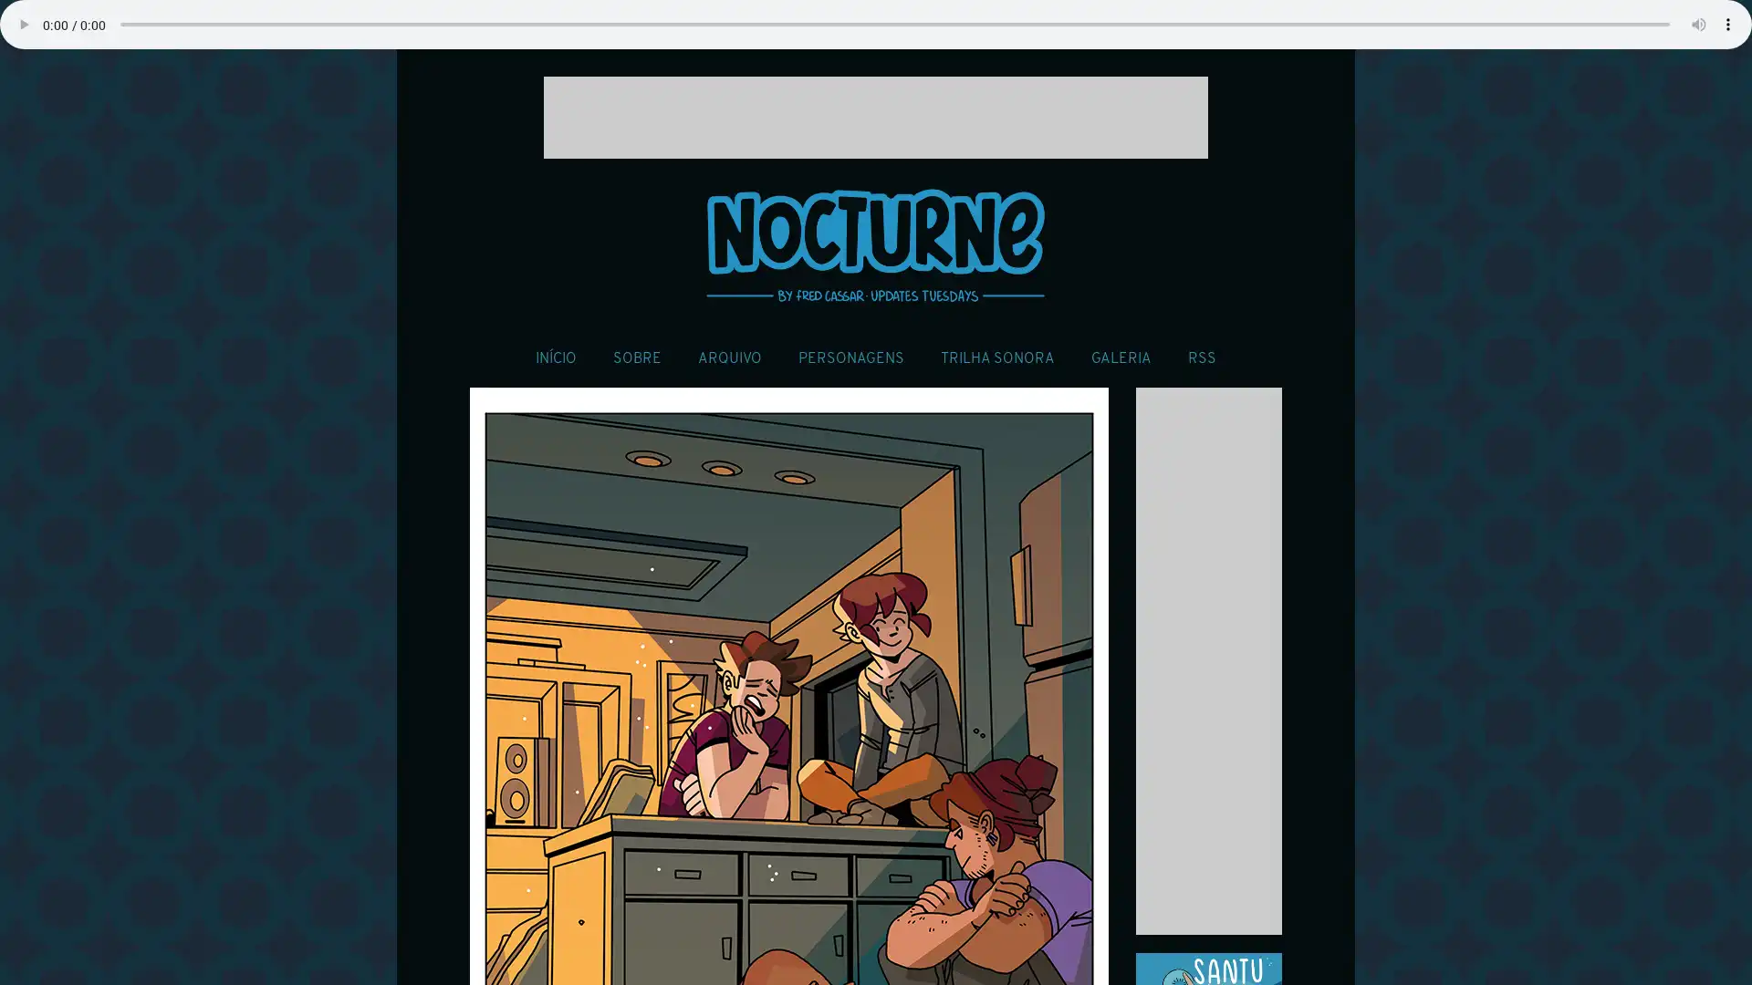 The image size is (1752, 985). I want to click on show more media controls, so click(1727, 25).